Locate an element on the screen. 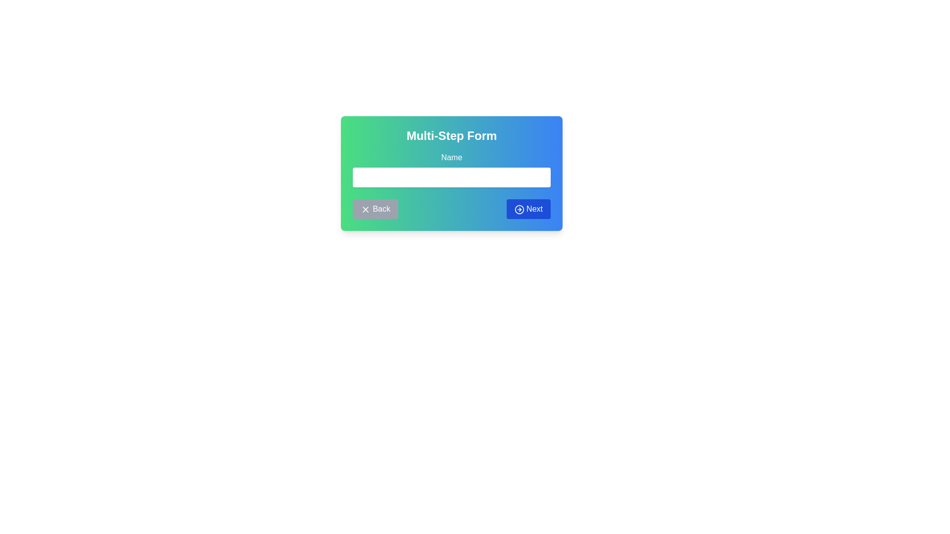 This screenshot has width=950, height=534. the circular icon with a blue border and white background that has an arrow pointing to the right, which is part of the 'Next' button located in the lower-right corner of the 'Multi-Step Form' section is located at coordinates (519, 209).